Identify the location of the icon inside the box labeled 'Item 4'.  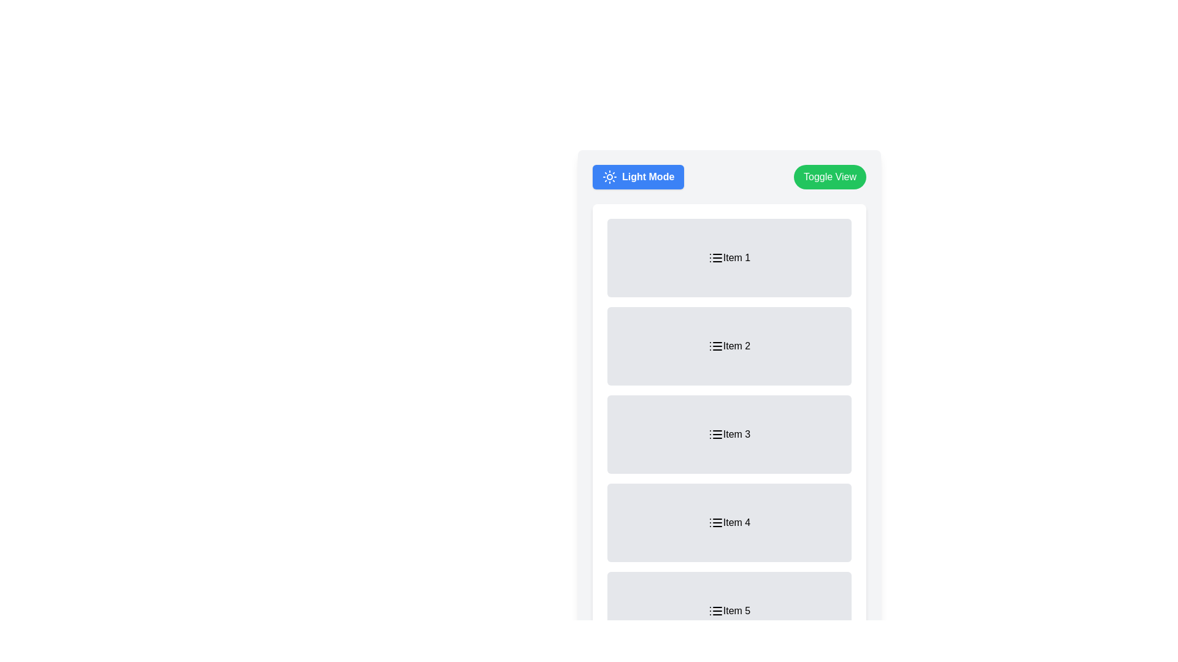
(715, 522).